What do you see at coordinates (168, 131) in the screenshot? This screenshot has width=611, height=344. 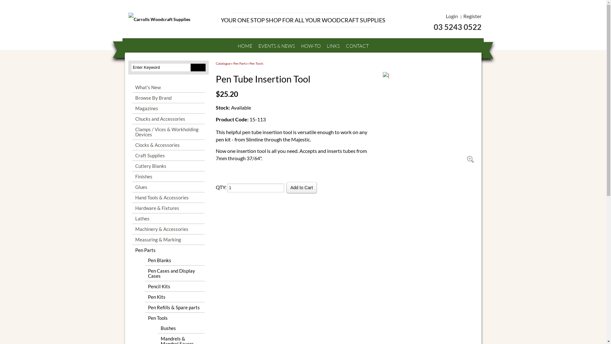 I see `'Clamps / Vices & Workholding Devices'` at bounding box center [168, 131].